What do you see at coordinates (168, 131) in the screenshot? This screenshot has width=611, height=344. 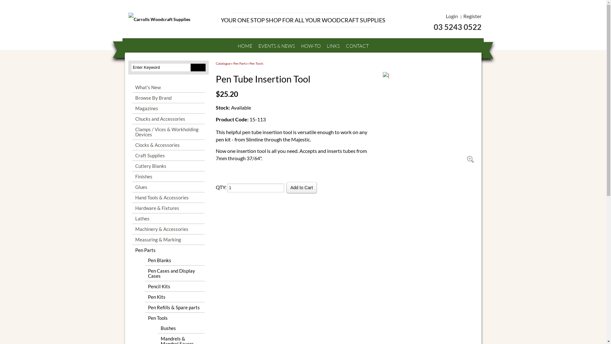 I see `'Clamps / Vices & Workholding Devices'` at bounding box center [168, 131].